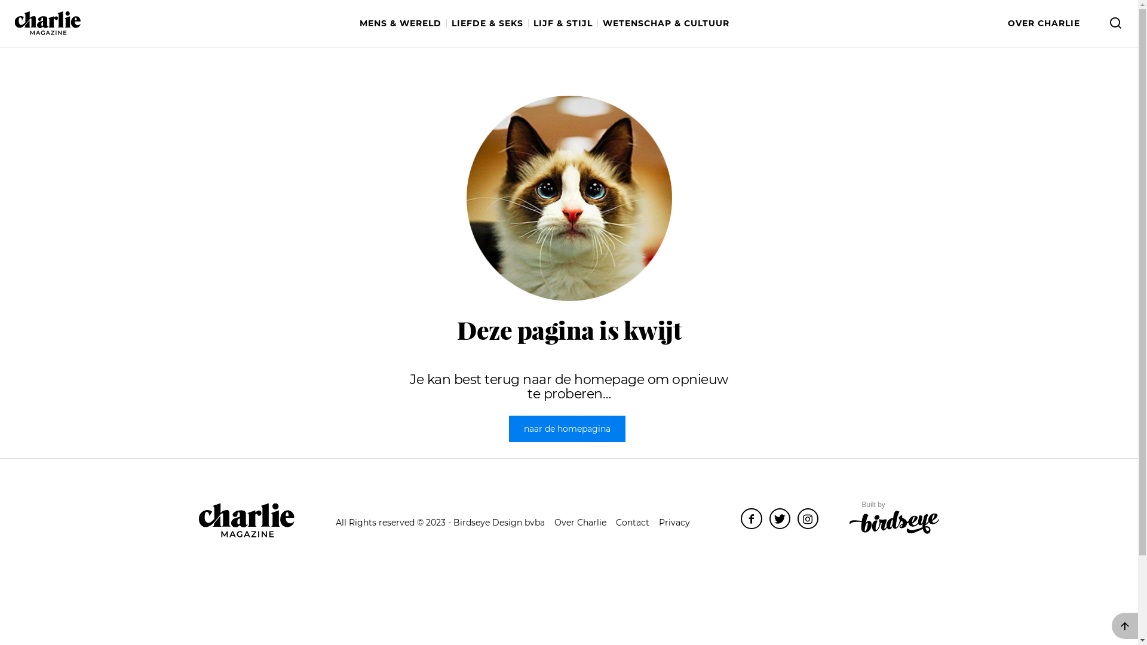  I want to click on 'MENS & WERELD', so click(403, 23).